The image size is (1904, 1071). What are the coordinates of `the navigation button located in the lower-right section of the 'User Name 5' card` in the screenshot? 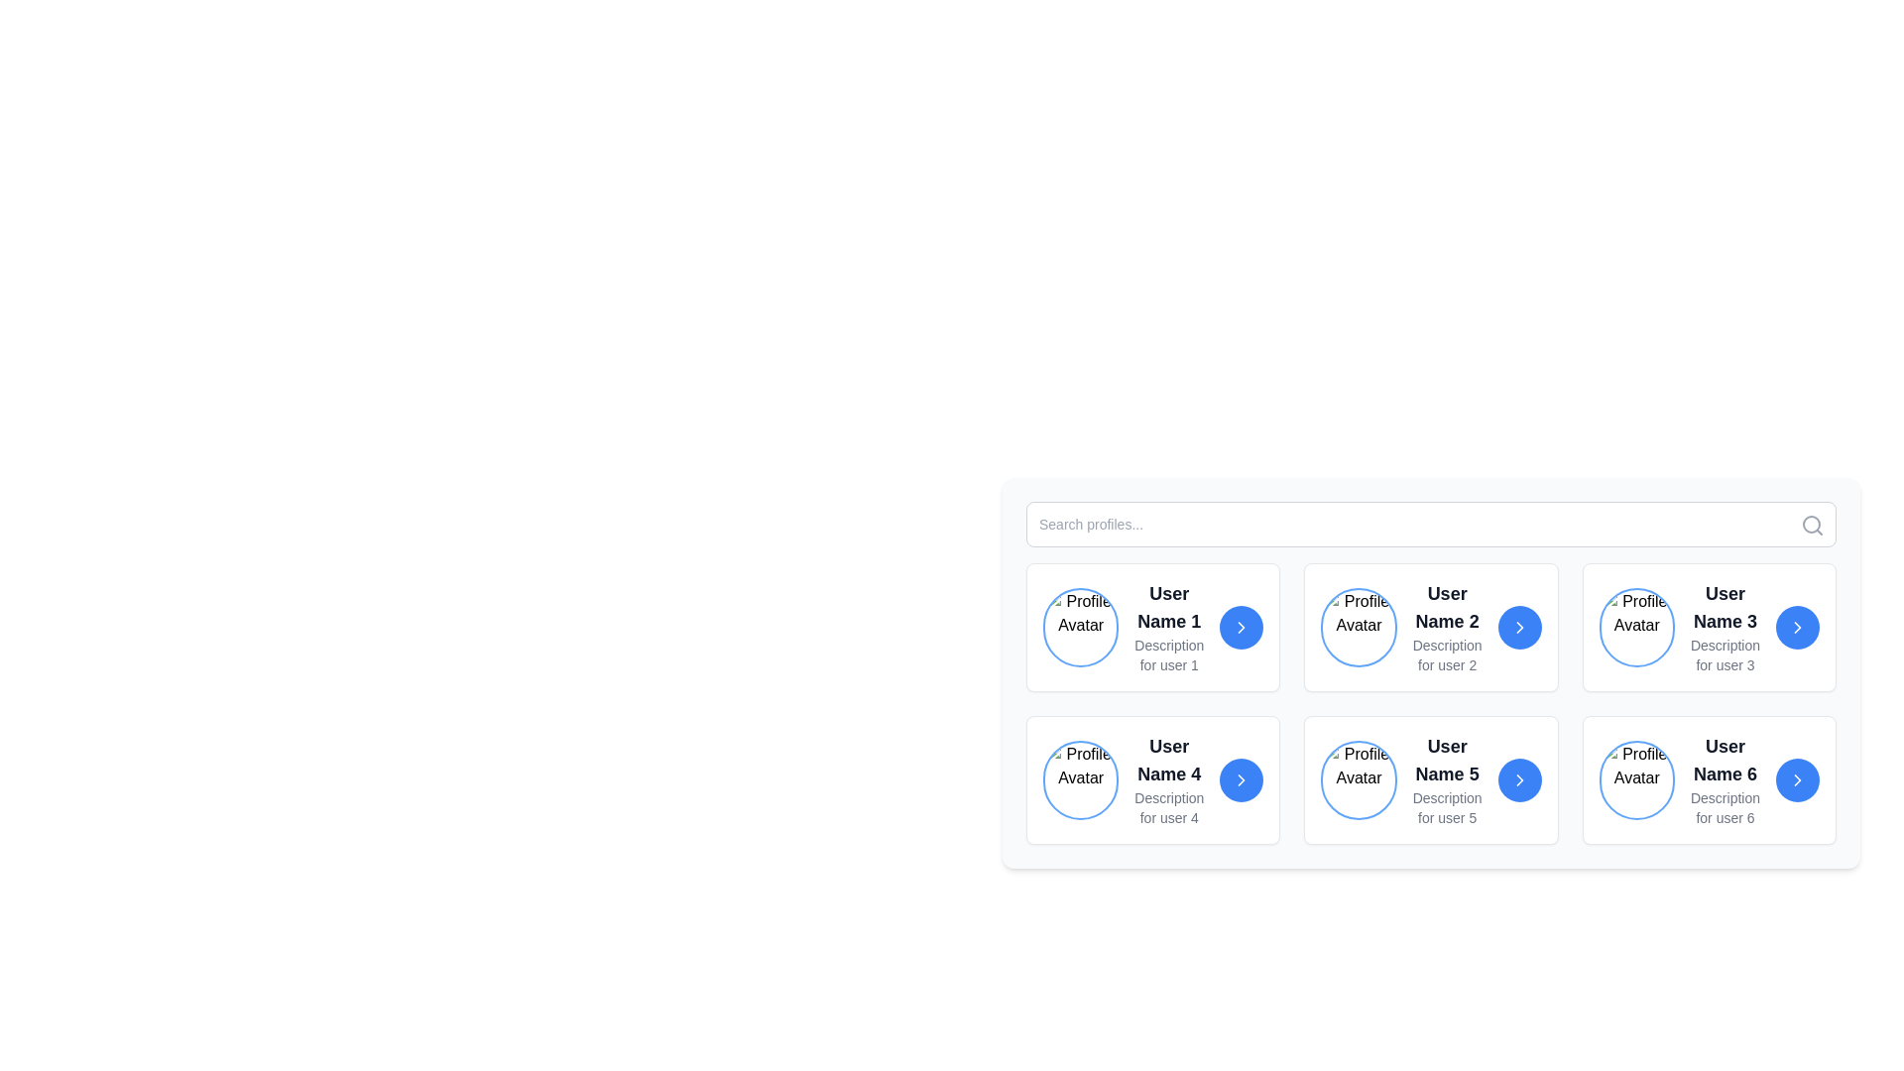 It's located at (1518, 778).